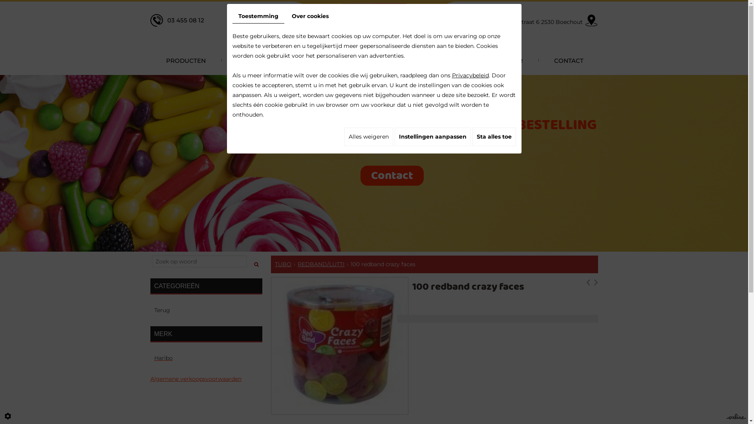  Describe the element at coordinates (206, 358) in the screenshot. I see `'Haribo'` at that location.